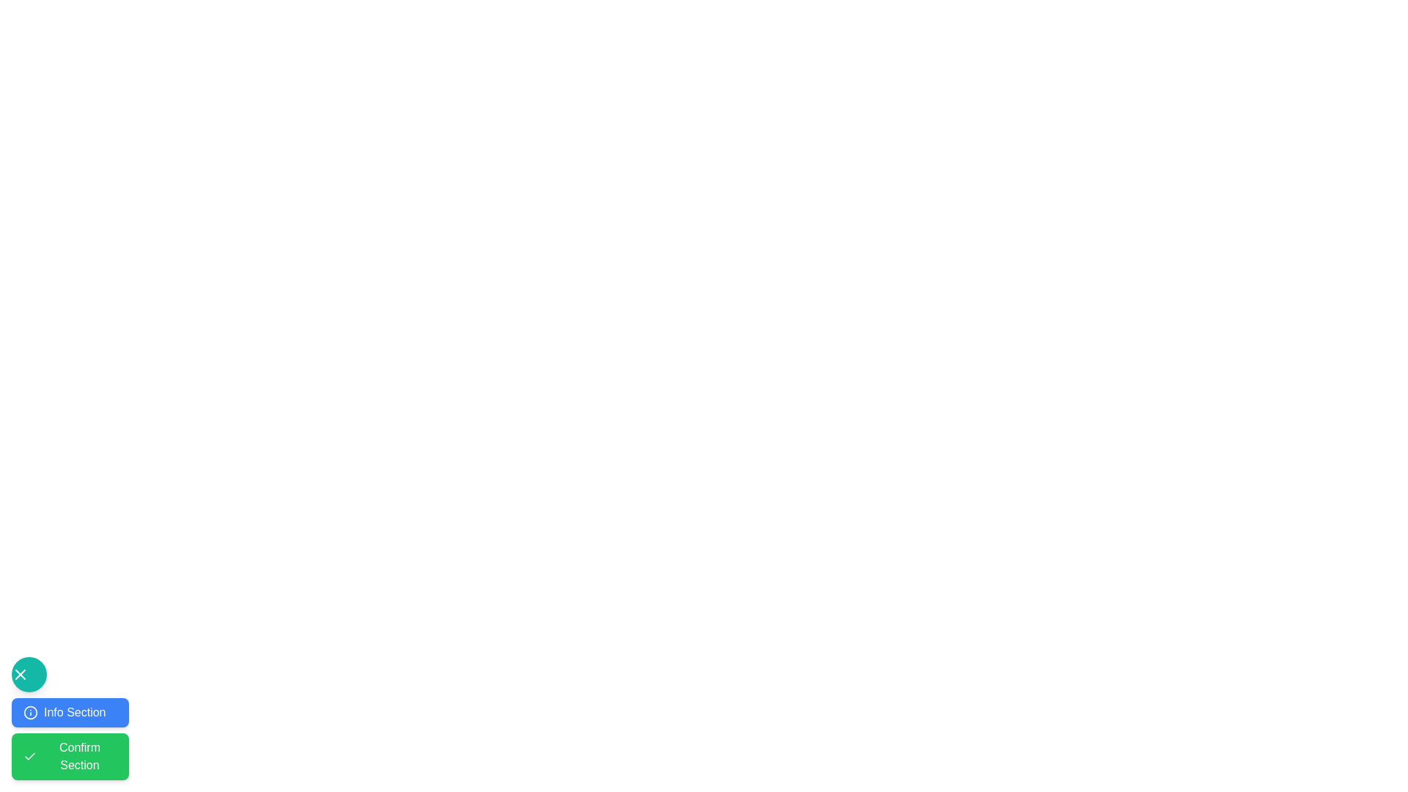 This screenshot has width=1408, height=792. Describe the element at coordinates (29, 757) in the screenshot. I see `the SVG checkmark icon with a green background located in the 'Confirm Section' button, positioned to the left of the text 'Confirm Section'` at that location.